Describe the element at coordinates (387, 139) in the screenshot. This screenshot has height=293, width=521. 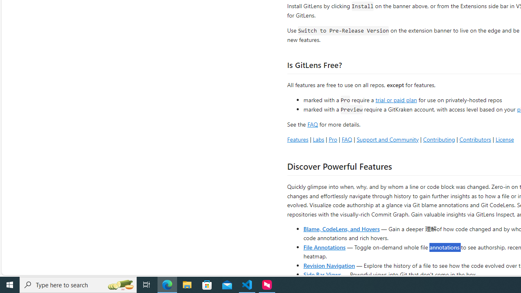
I see `'Support and Community'` at that location.